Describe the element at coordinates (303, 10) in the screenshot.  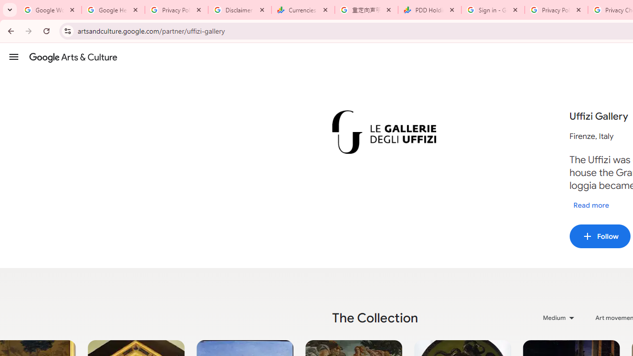
I see `'Currencies - Google Finance'` at that location.